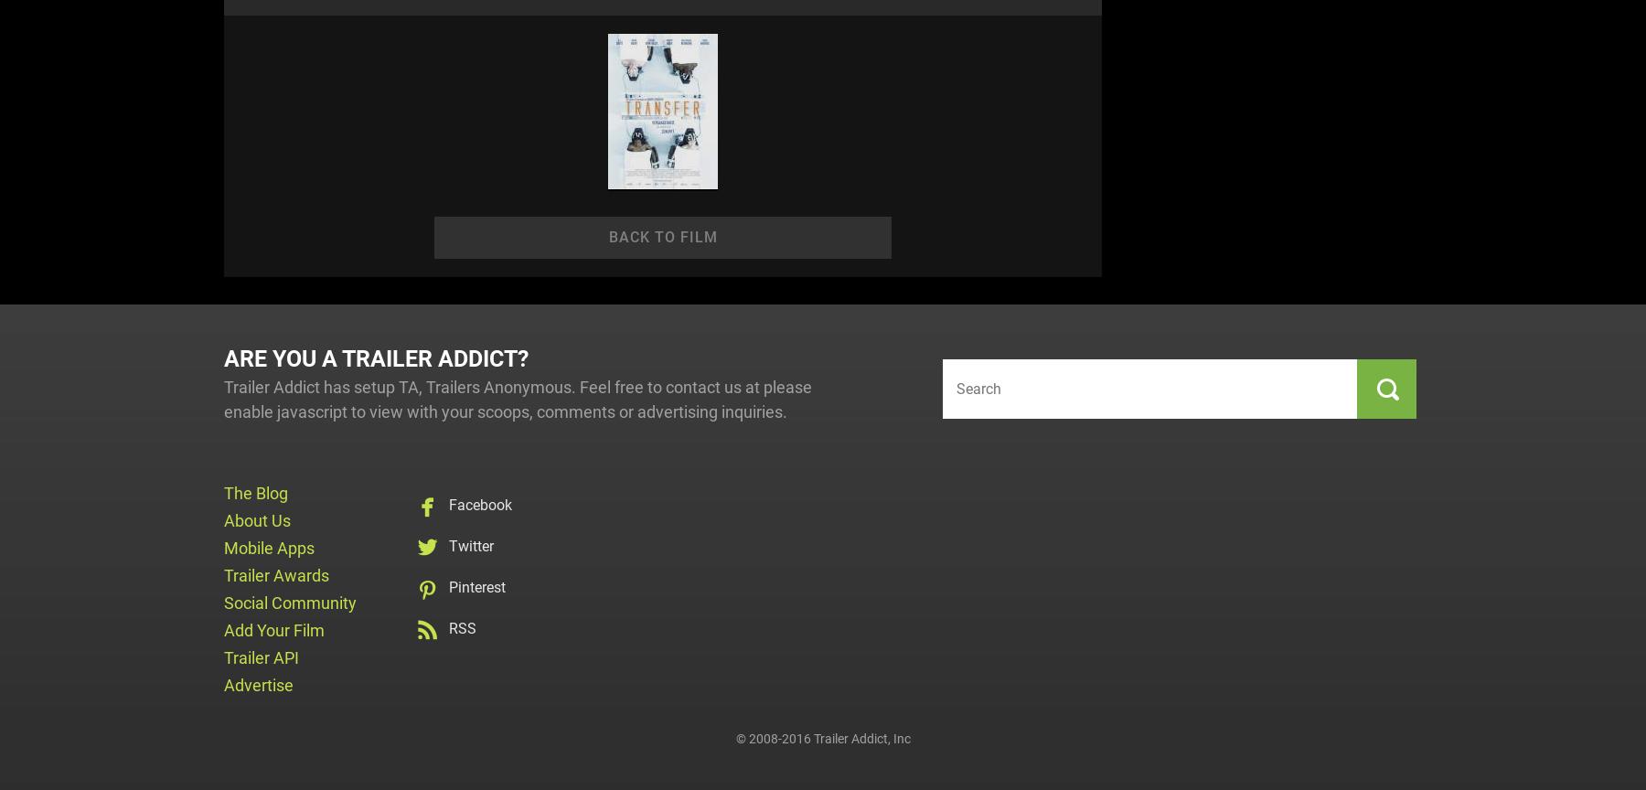 The height and width of the screenshot is (790, 1646). I want to click on 'Social Community', so click(289, 603).